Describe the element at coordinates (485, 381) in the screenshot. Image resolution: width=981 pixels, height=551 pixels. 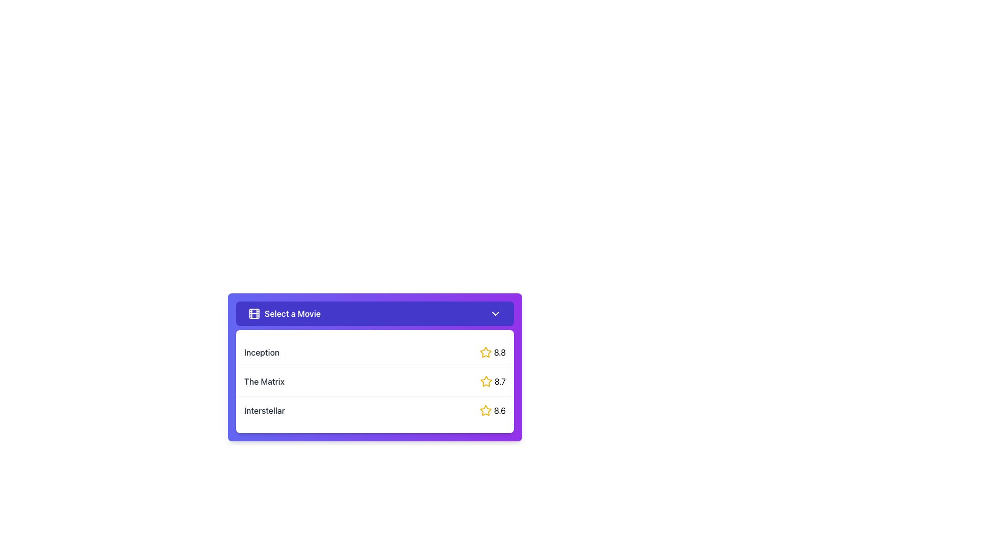
I see `the star-shaped yellow icon in the rating system for 'The Matrix' movie option in the dropdown menu` at that location.